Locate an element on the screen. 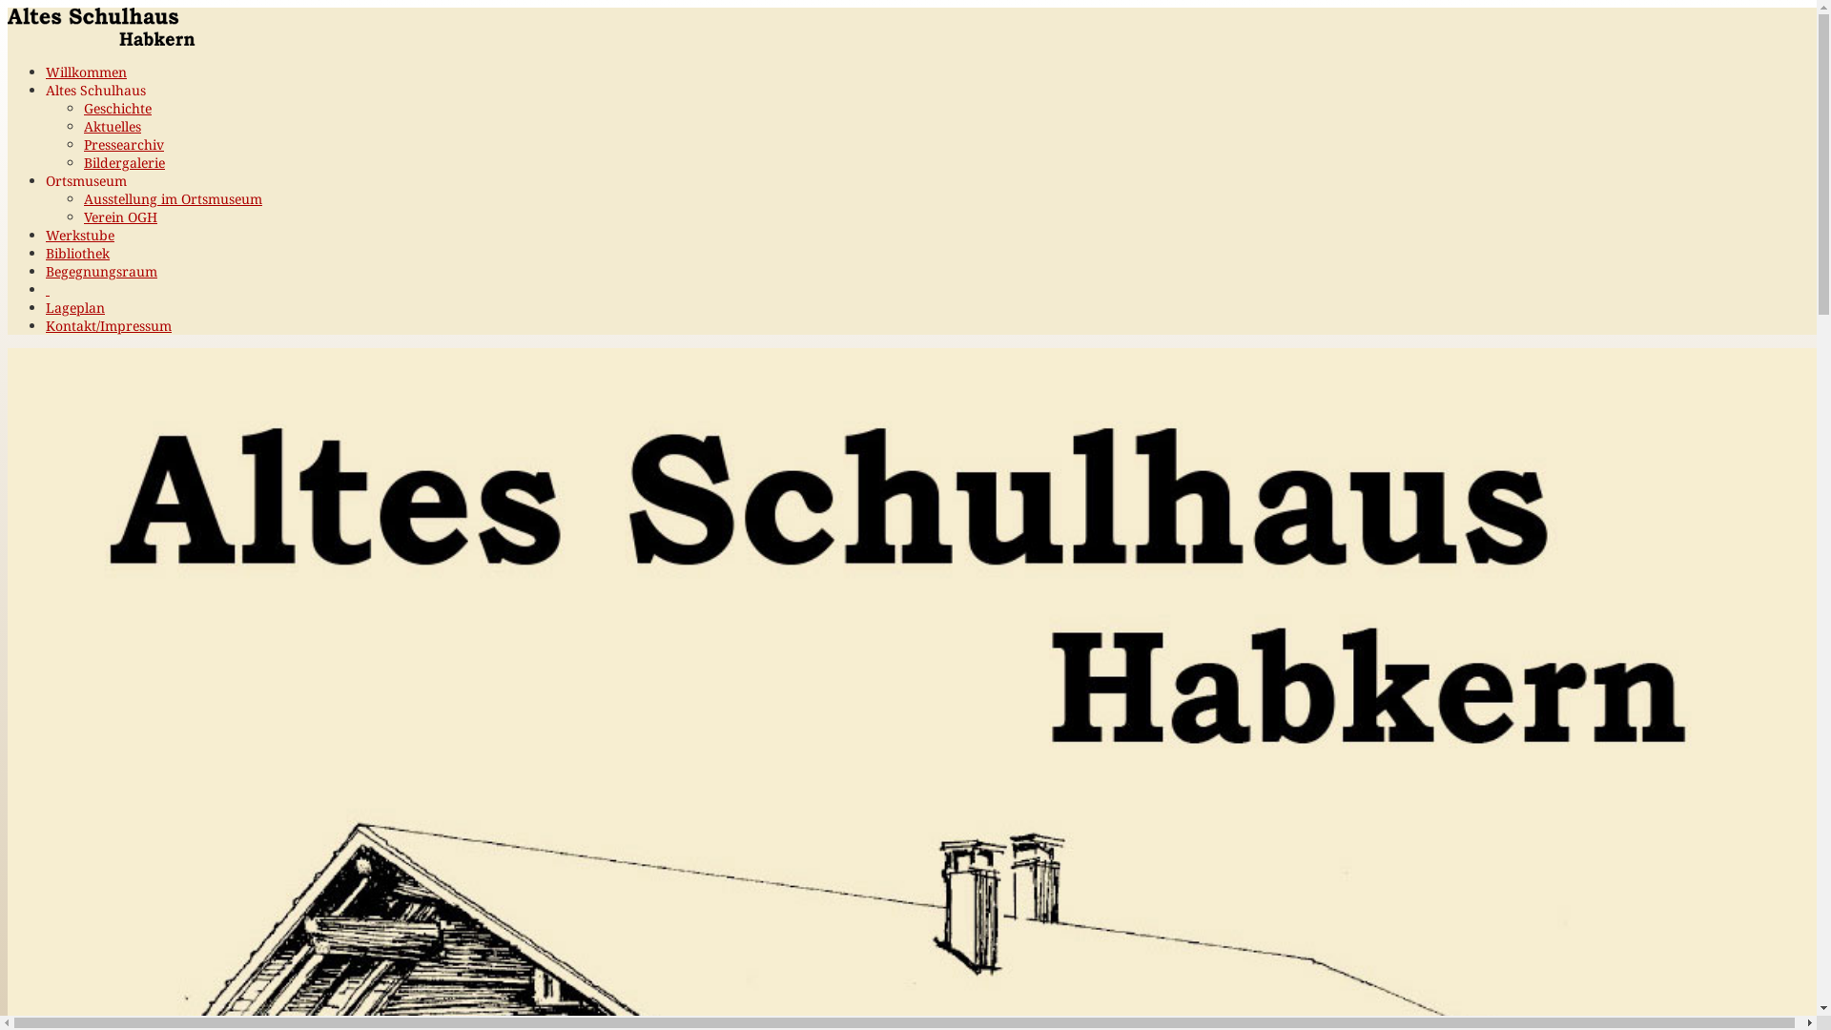 This screenshot has height=1030, width=1831. 'Willkommen' is located at coordinates (85, 71).